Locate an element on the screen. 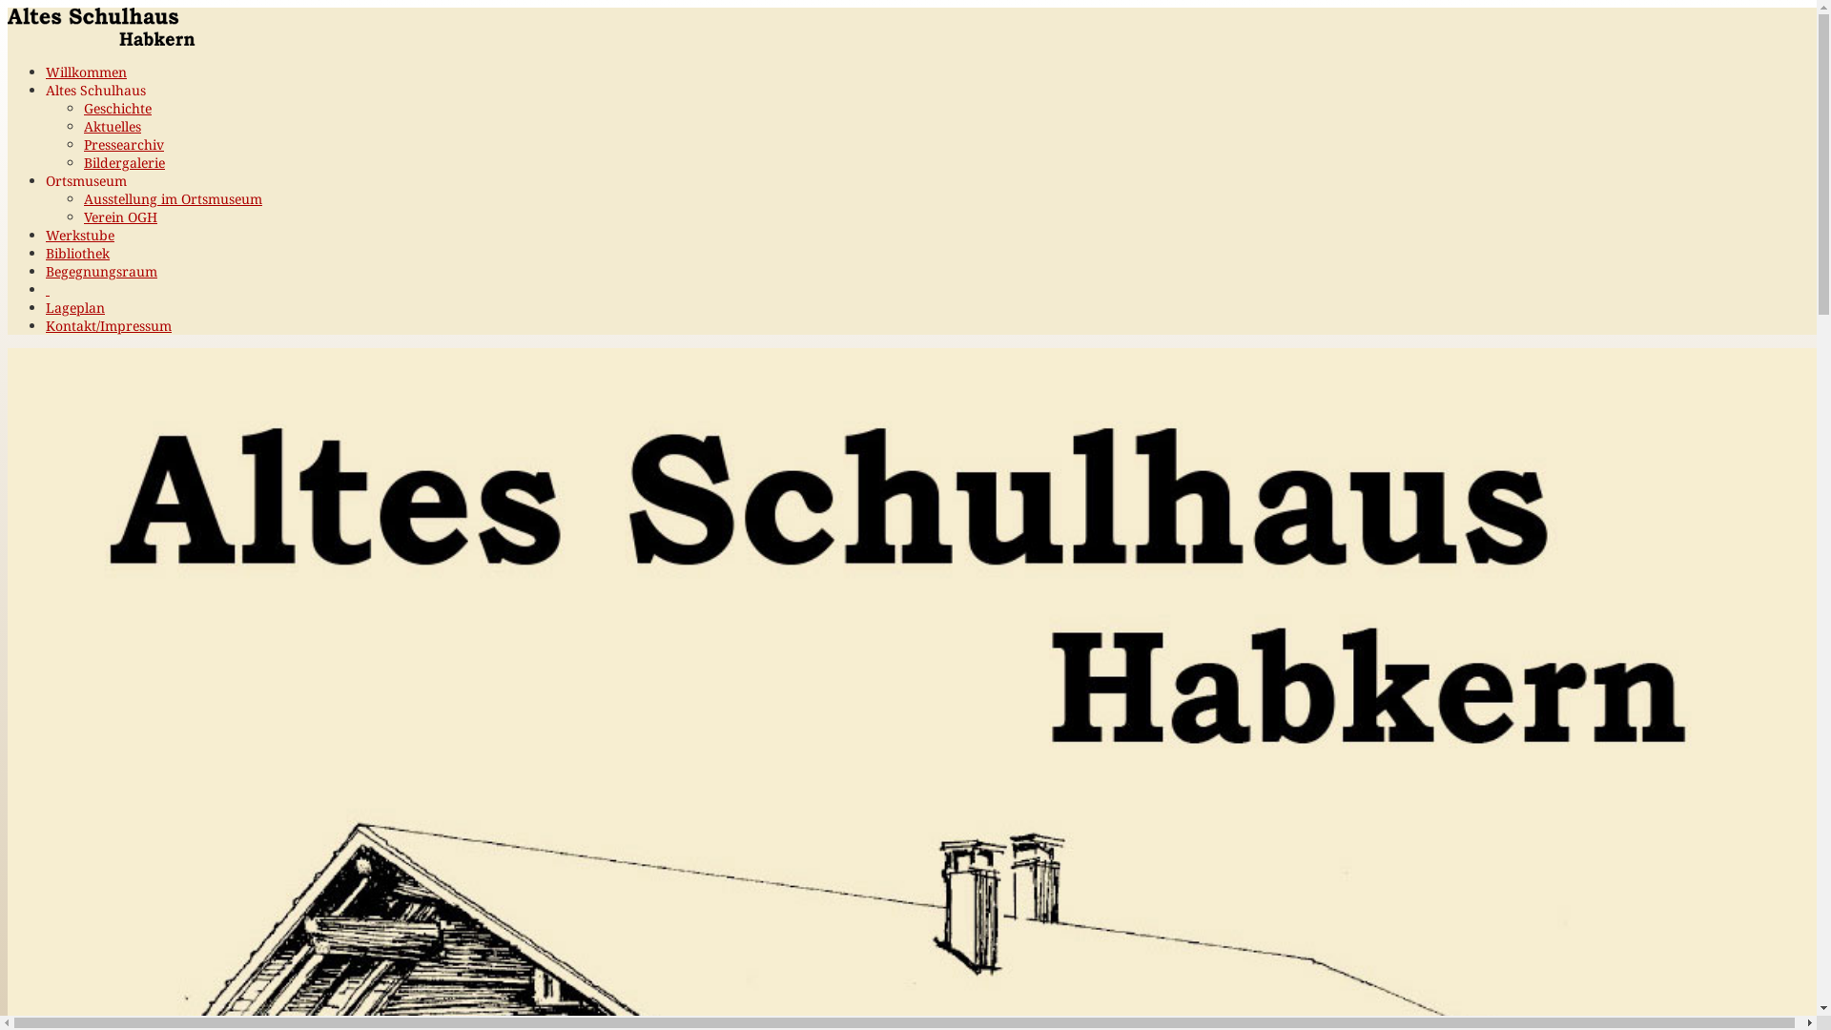 This screenshot has height=1030, width=1831. 'Willkommen' is located at coordinates (85, 71).